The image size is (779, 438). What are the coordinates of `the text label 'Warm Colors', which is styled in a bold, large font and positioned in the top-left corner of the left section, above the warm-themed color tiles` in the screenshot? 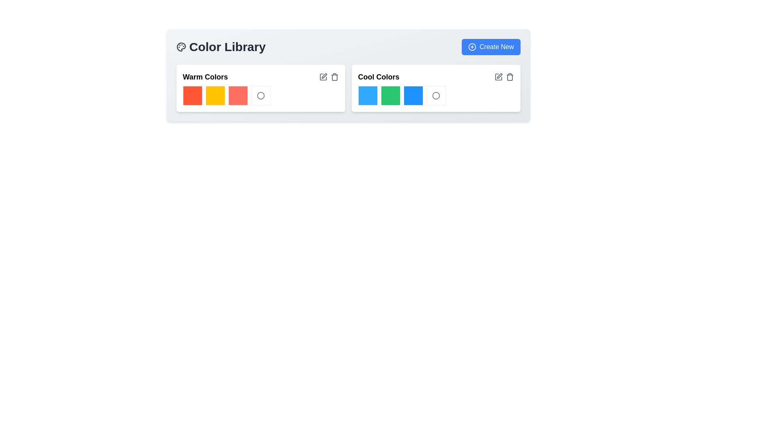 It's located at (205, 77).